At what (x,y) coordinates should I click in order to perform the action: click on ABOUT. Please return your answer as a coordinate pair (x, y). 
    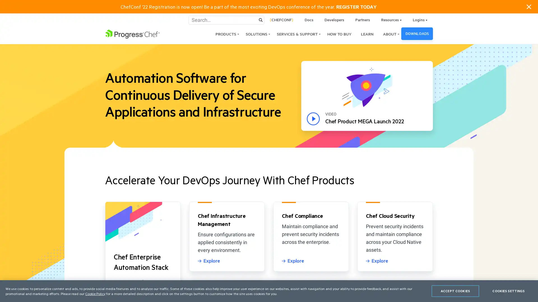
    Looking at the image, I should click on (377, 34).